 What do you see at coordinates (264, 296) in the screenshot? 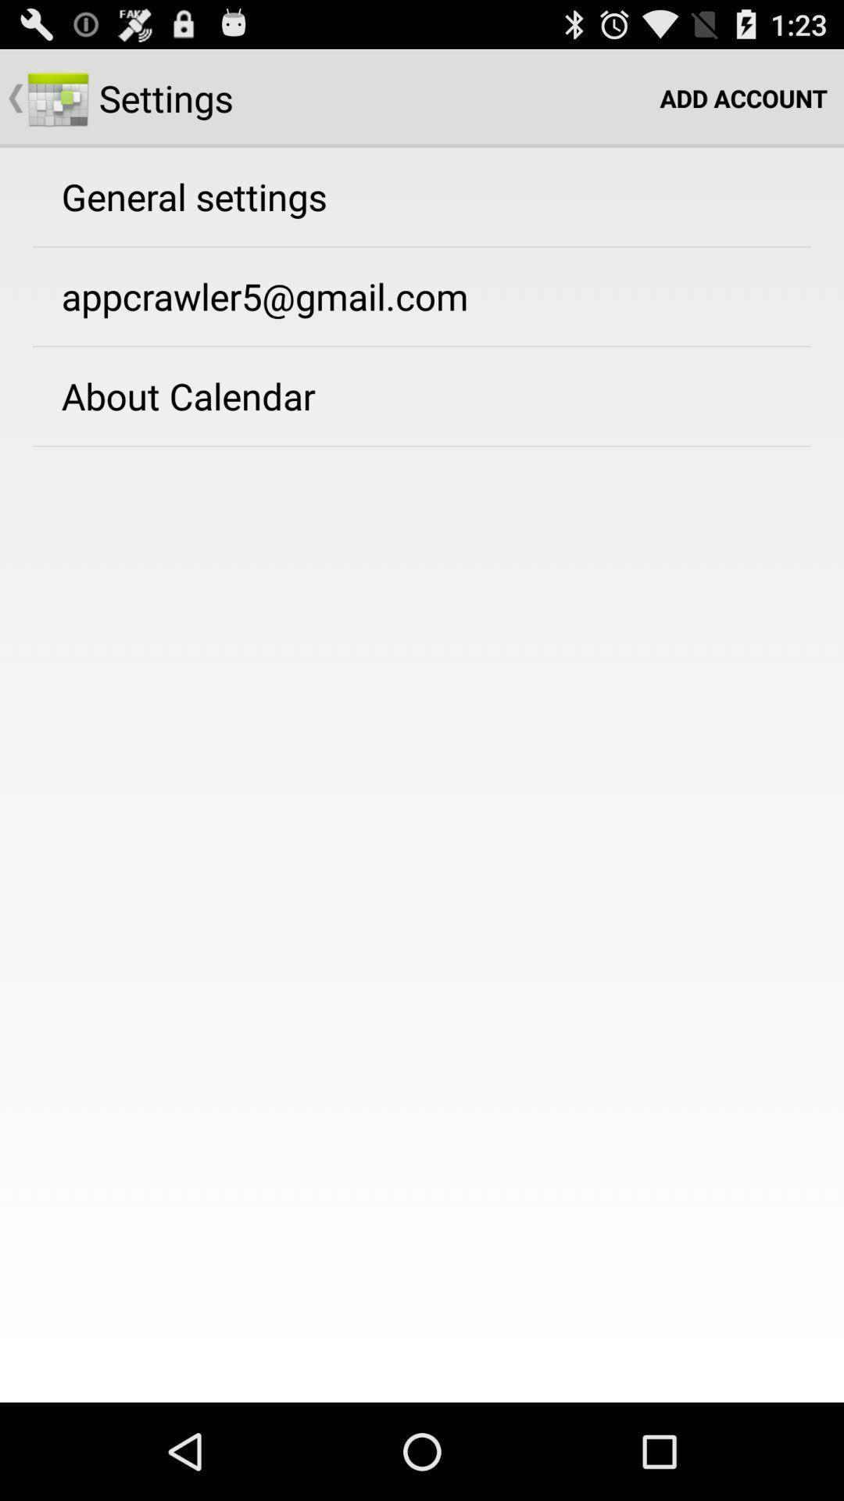
I see `the app below general settings icon` at bounding box center [264, 296].